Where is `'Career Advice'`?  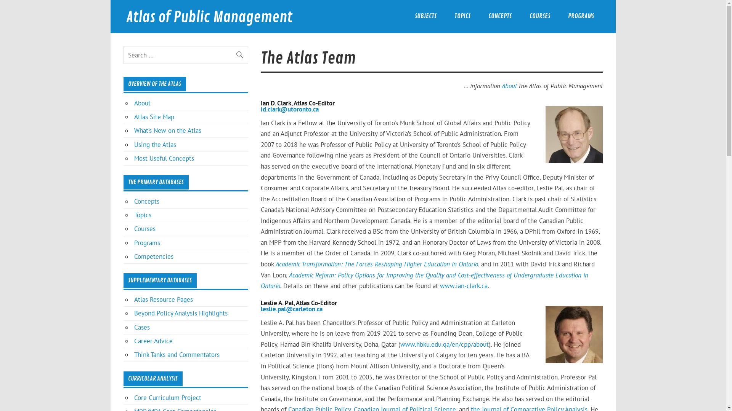 'Career Advice' is located at coordinates (153, 340).